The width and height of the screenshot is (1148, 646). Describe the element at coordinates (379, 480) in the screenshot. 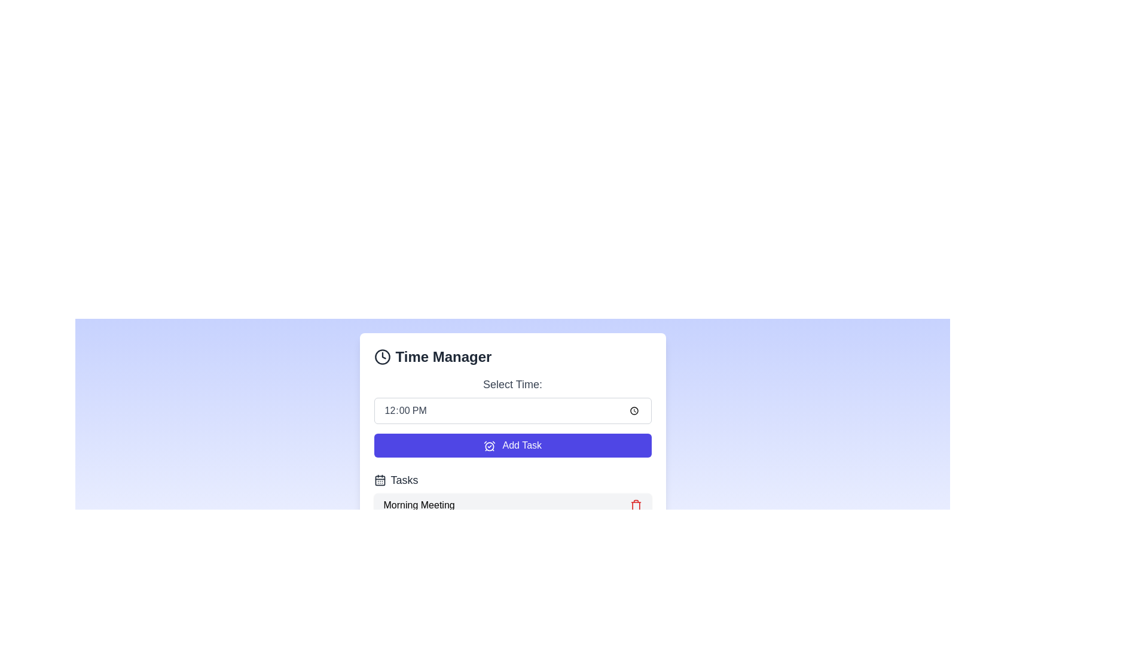

I see `the calendar icon background component, which serves as the main base for the calendar icon adjacent to the 'Tasks' label` at that location.